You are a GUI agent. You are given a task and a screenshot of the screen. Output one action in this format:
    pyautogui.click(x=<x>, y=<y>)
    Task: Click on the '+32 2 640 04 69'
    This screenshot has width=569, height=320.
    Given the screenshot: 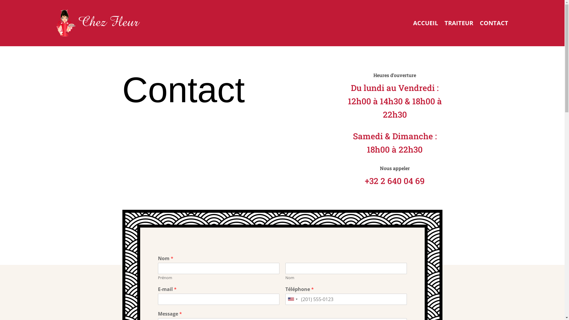 What is the action you would take?
    pyautogui.click(x=394, y=180)
    